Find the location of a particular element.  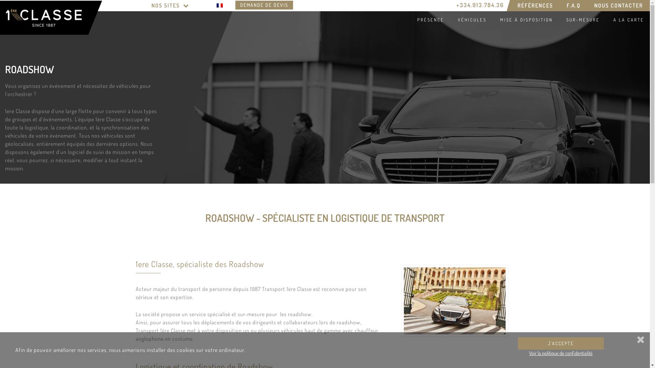

'DEMANDE DE DEVIS' is located at coordinates (264, 5).